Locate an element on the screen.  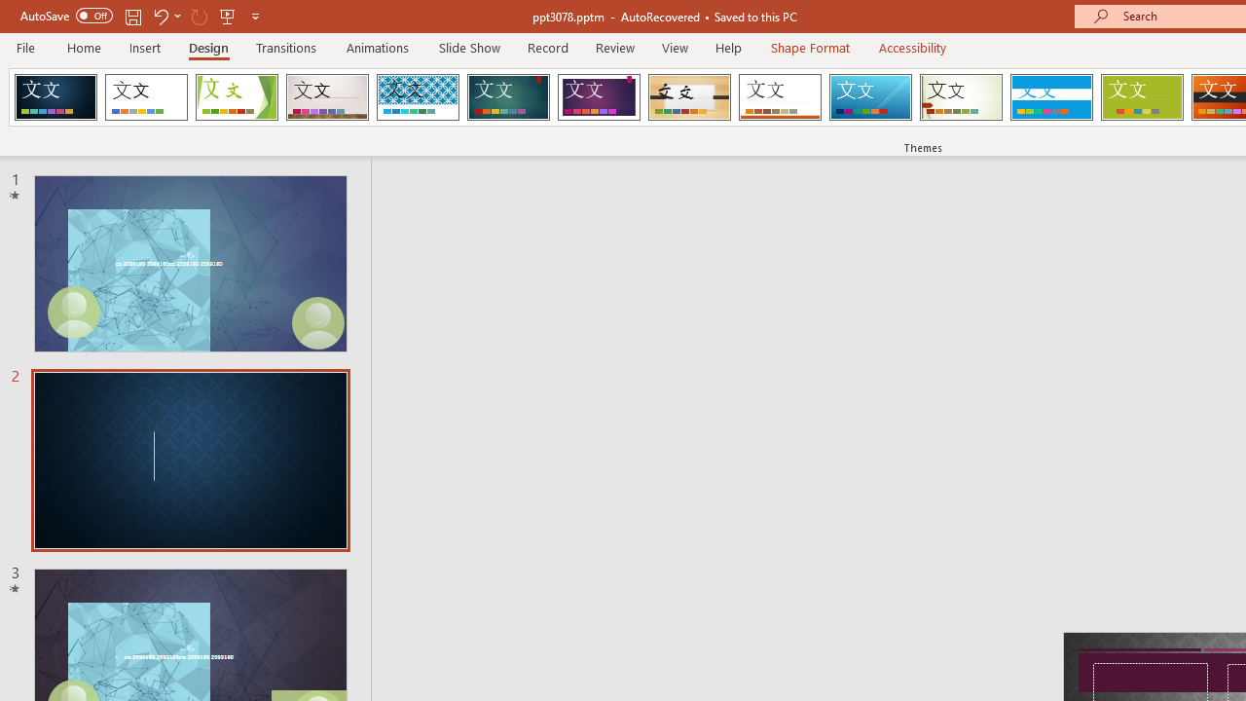
'Integral' is located at coordinates (417, 97).